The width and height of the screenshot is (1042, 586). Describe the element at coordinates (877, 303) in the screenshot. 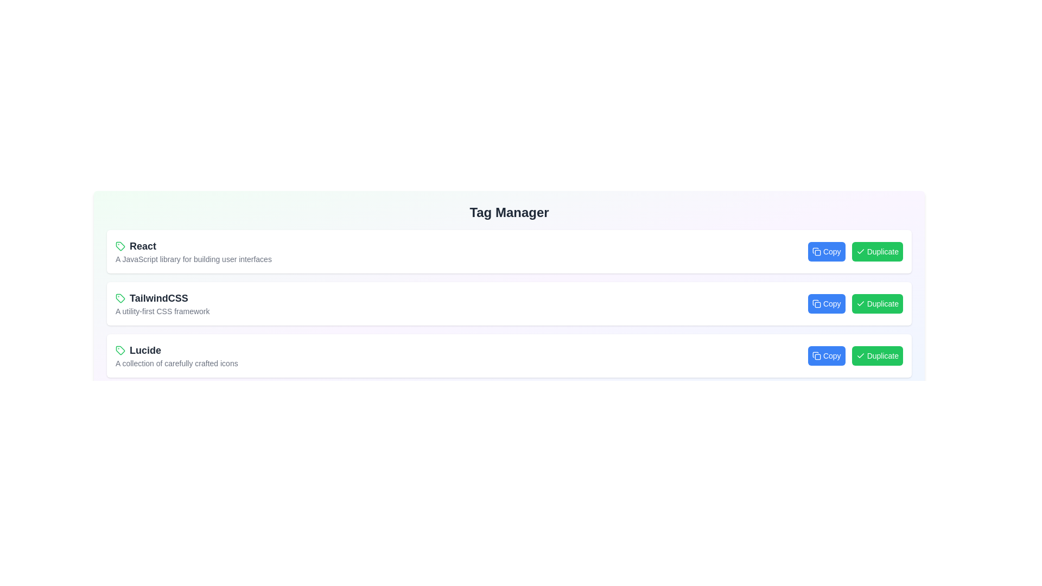

I see `'Duplicate' button for the tag labeled TailwindCSS` at that location.